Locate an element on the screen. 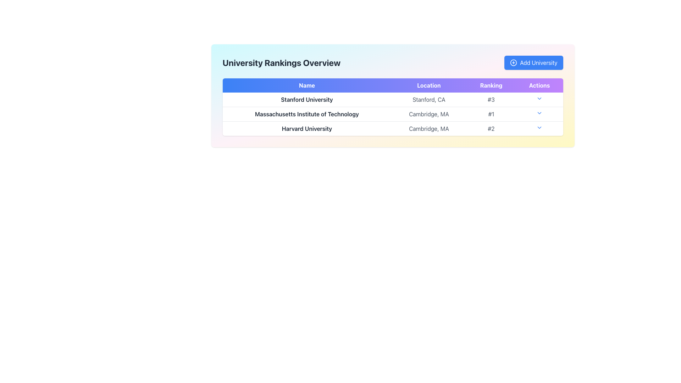  the Text Label displaying the location information 'Cambridge, MA' in the second row of the table, located between the 'Name' and 'Ranking' columns is located at coordinates (428, 113).